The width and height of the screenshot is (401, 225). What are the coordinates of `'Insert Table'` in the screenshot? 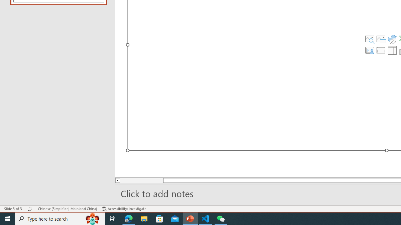 It's located at (392, 50).